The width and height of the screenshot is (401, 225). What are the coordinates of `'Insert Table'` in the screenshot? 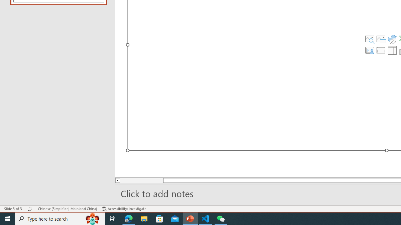 It's located at (392, 50).